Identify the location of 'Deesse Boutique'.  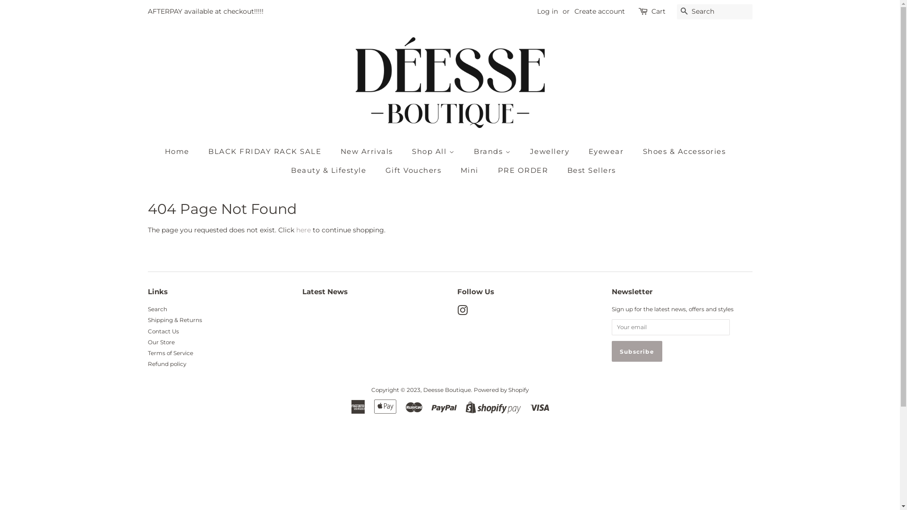
(446, 390).